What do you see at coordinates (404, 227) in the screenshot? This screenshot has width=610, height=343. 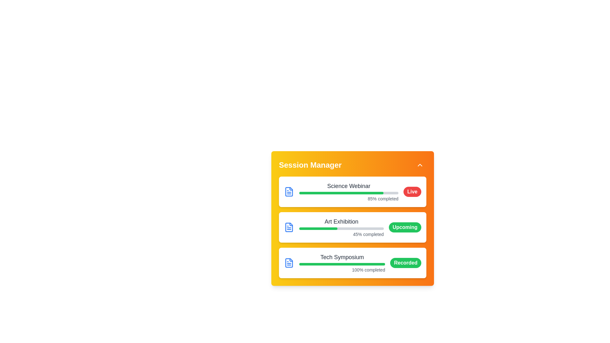 I see `status displayed on the small pill-shaped label with a green background and the text 'Upcoming' in white, bold font, located in the second card of the events list` at bounding box center [404, 227].